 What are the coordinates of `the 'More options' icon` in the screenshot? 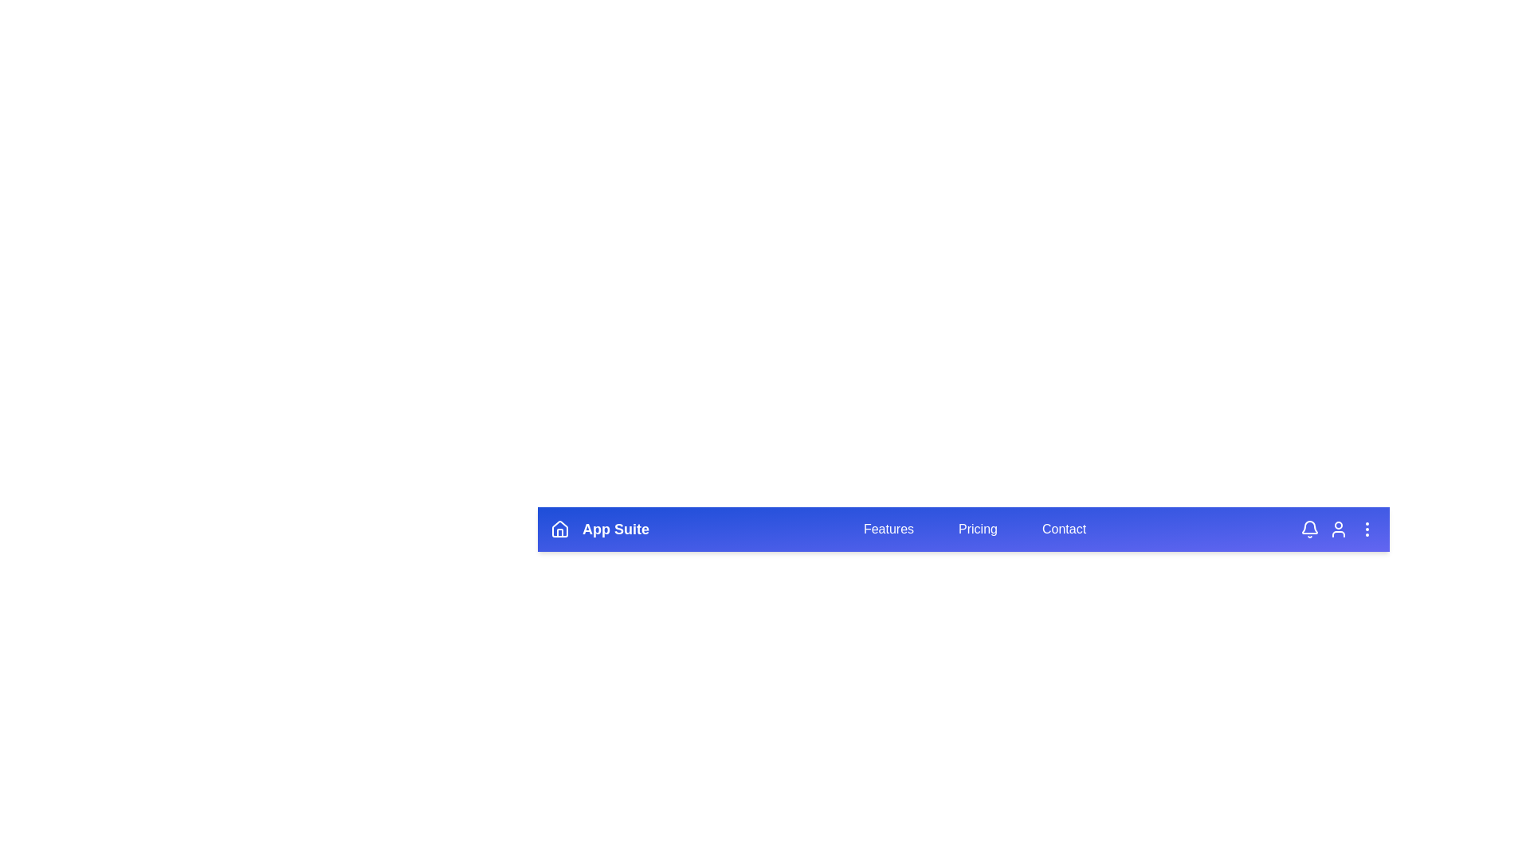 It's located at (1367, 529).